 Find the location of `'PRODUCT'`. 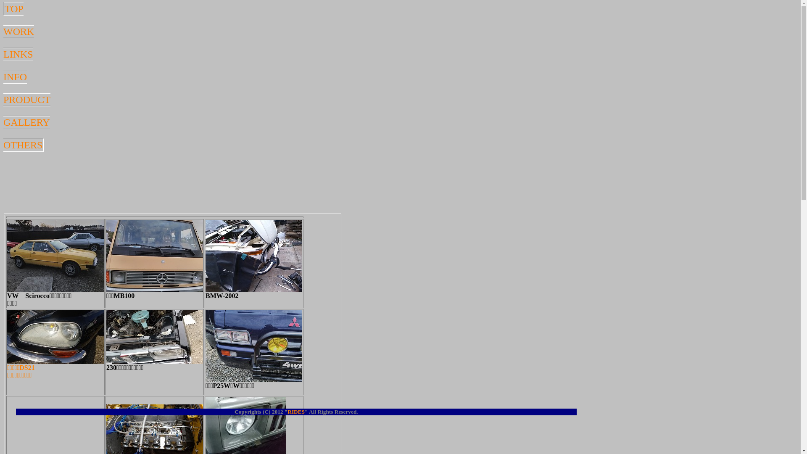

'PRODUCT' is located at coordinates (26, 99).